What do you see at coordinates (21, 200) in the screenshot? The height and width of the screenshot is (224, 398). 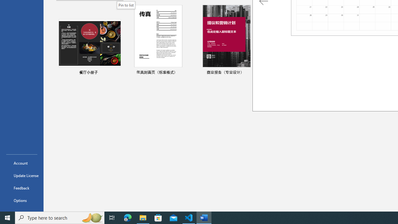 I see `'Options'` at bounding box center [21, 200].